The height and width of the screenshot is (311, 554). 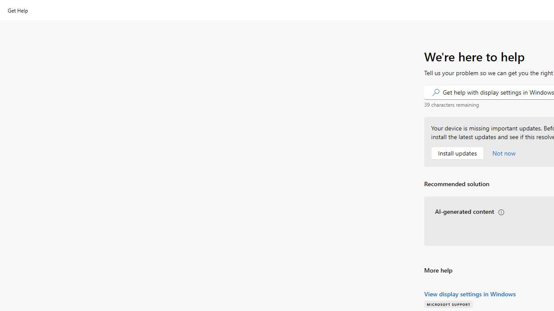 What do you see at coordinates (4, 5) in the screenshot?
I see `'System'` at bounding box center [4, 5].